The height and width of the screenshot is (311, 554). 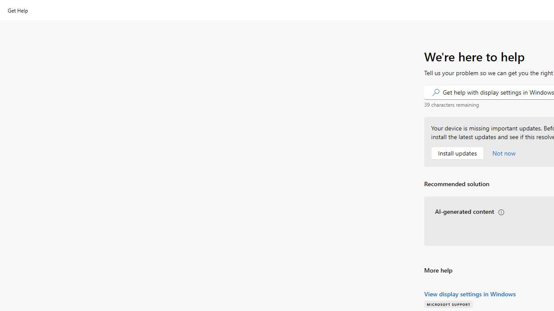 What do you see at coordinates (4, 5) in the screenshot?
I see `'System'` at bounding box center [4, 5].